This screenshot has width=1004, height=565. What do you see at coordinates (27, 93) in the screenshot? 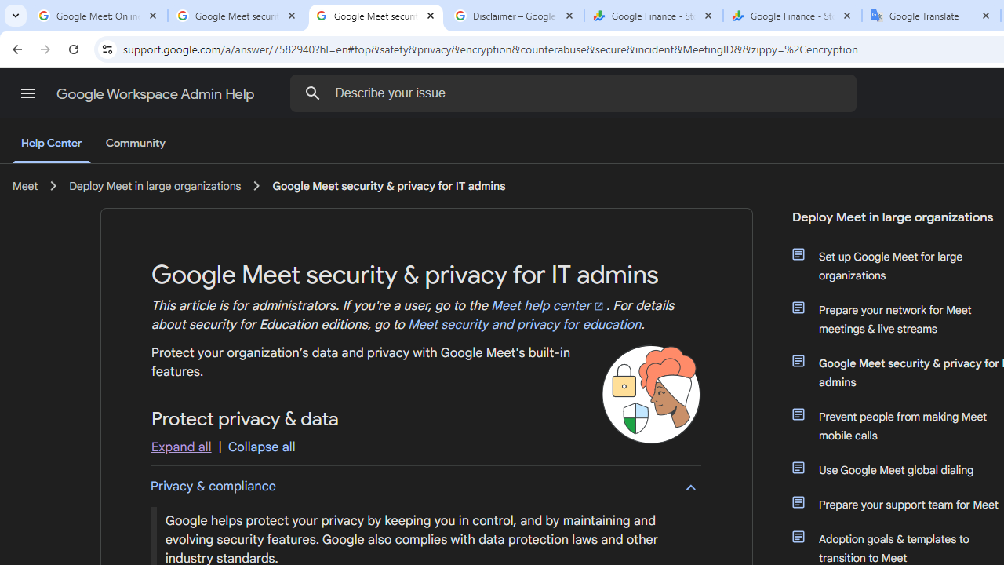
I see `'Main menu'` at bounding box center [27, 93].